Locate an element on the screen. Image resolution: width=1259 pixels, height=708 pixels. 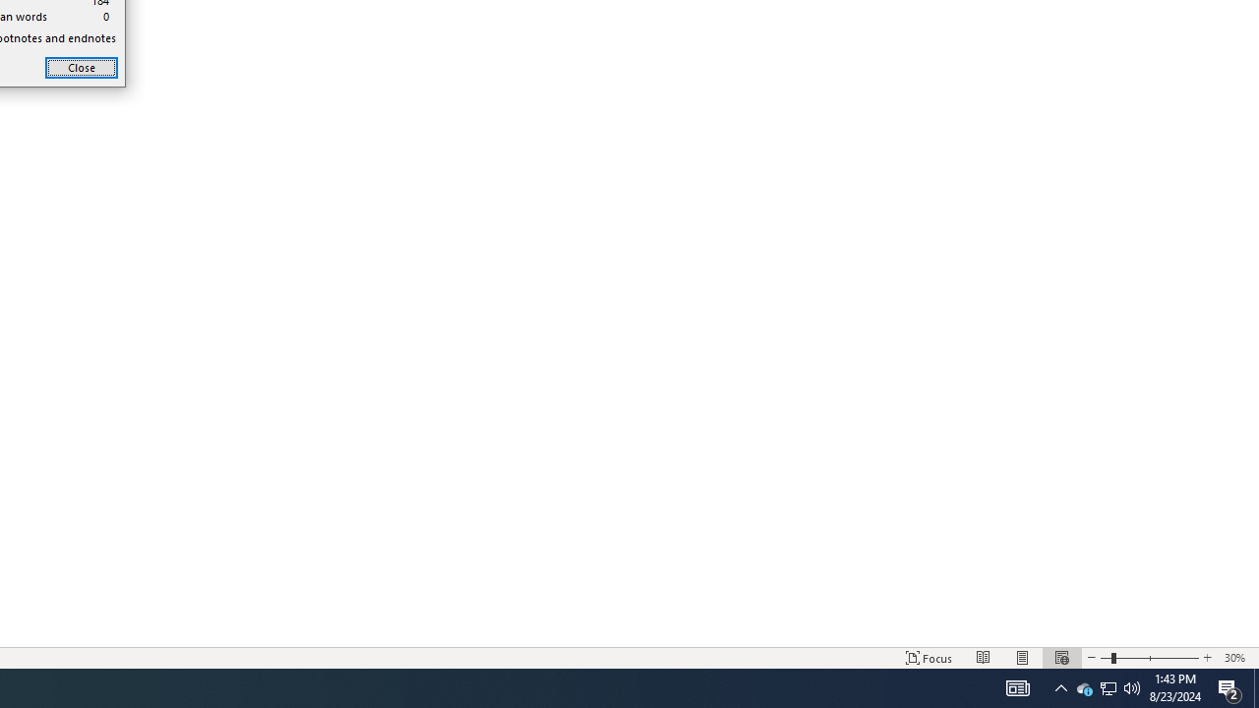
'Zoom' is located at coordinates (1149, 658).